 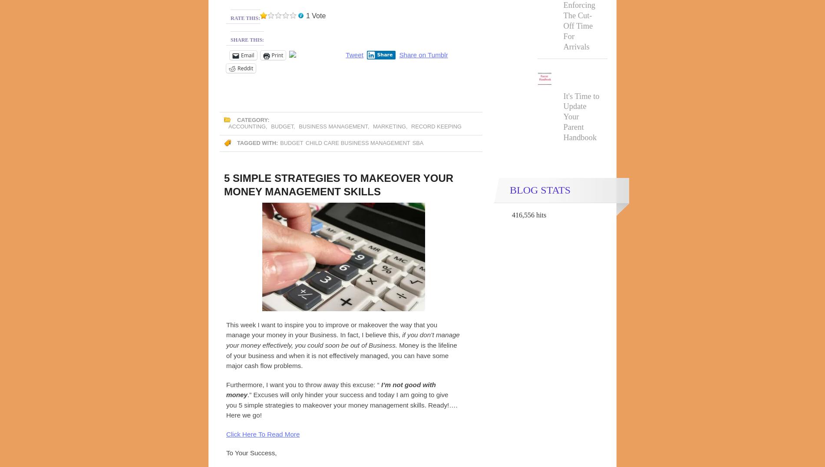 What do you see at coordinates (282, 126) in the screenshot?
I see `'Budget'` at bounding box center [282, 126].